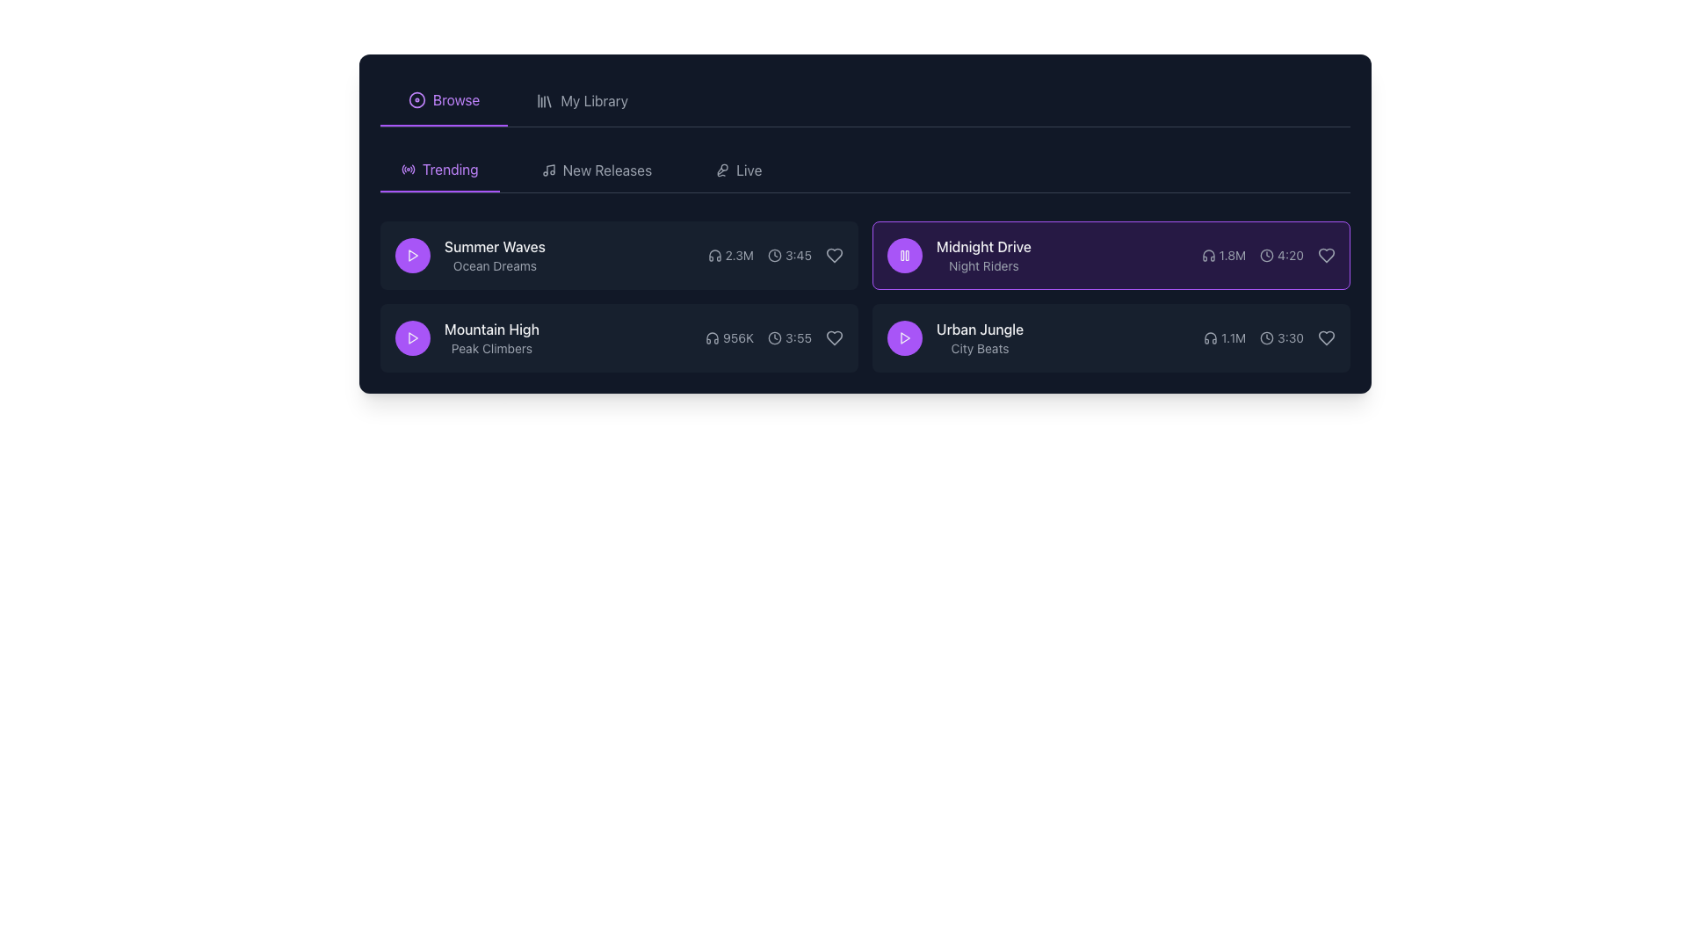  I want to click on the metadata of the first music track entry in the 'Trending' section, so click(619, 255).